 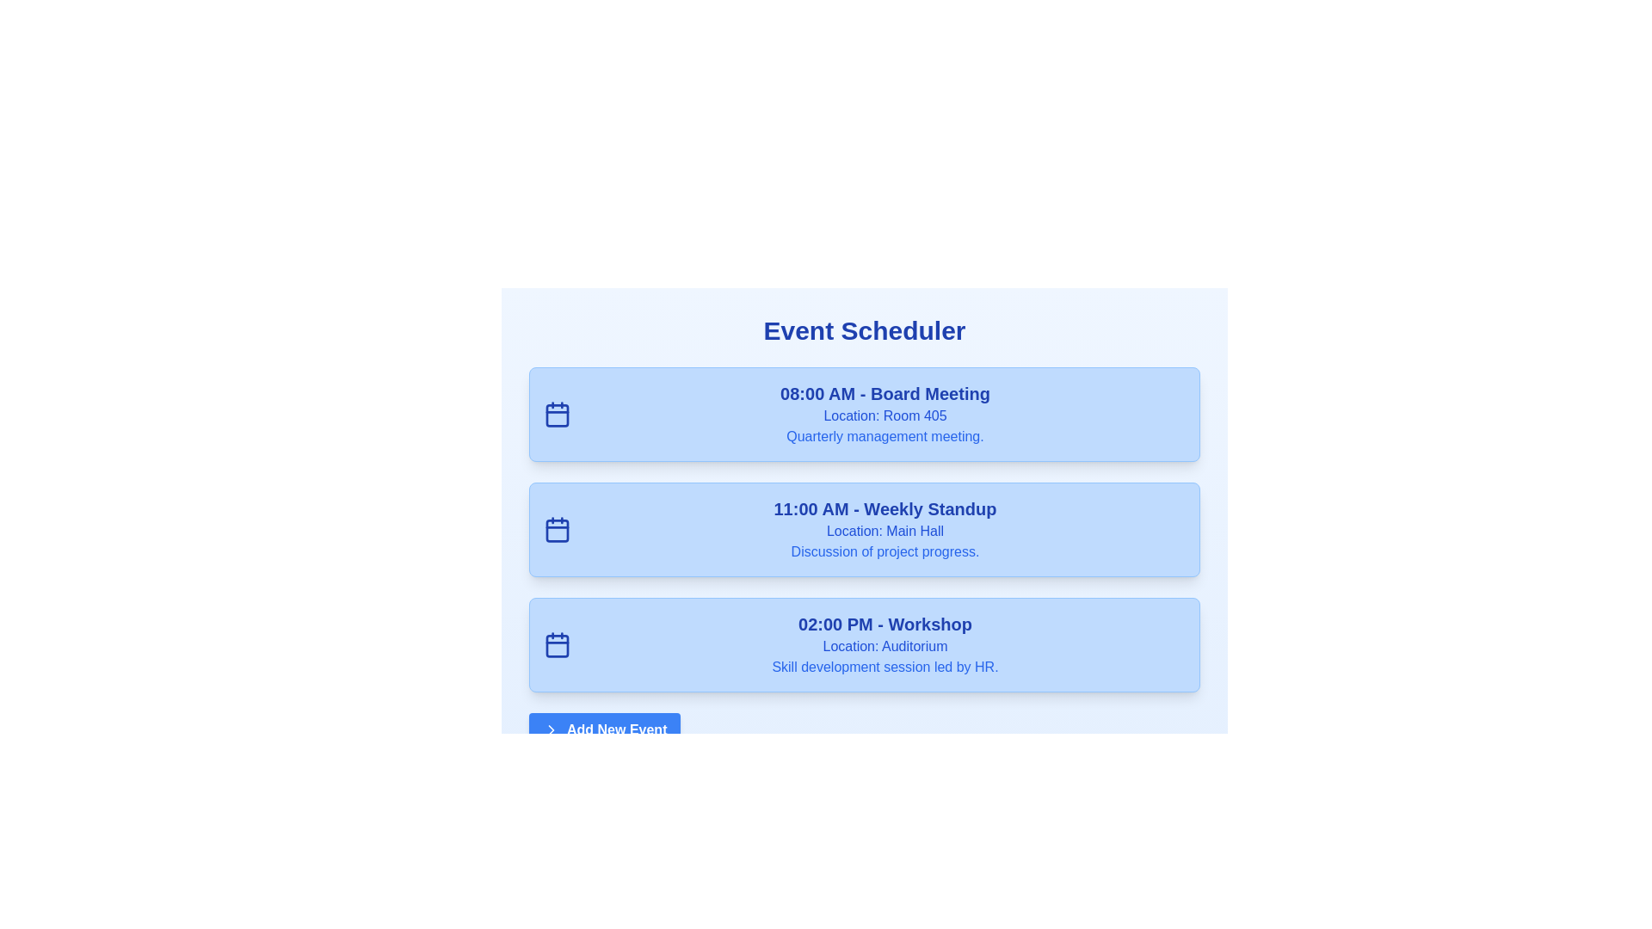 I want to click on the calendar icon located at the left end of the first event card that displays '08:00 AM - Board MeetingLocation: Room 405Quarterly management meeting.', so click(x=558, y=415).